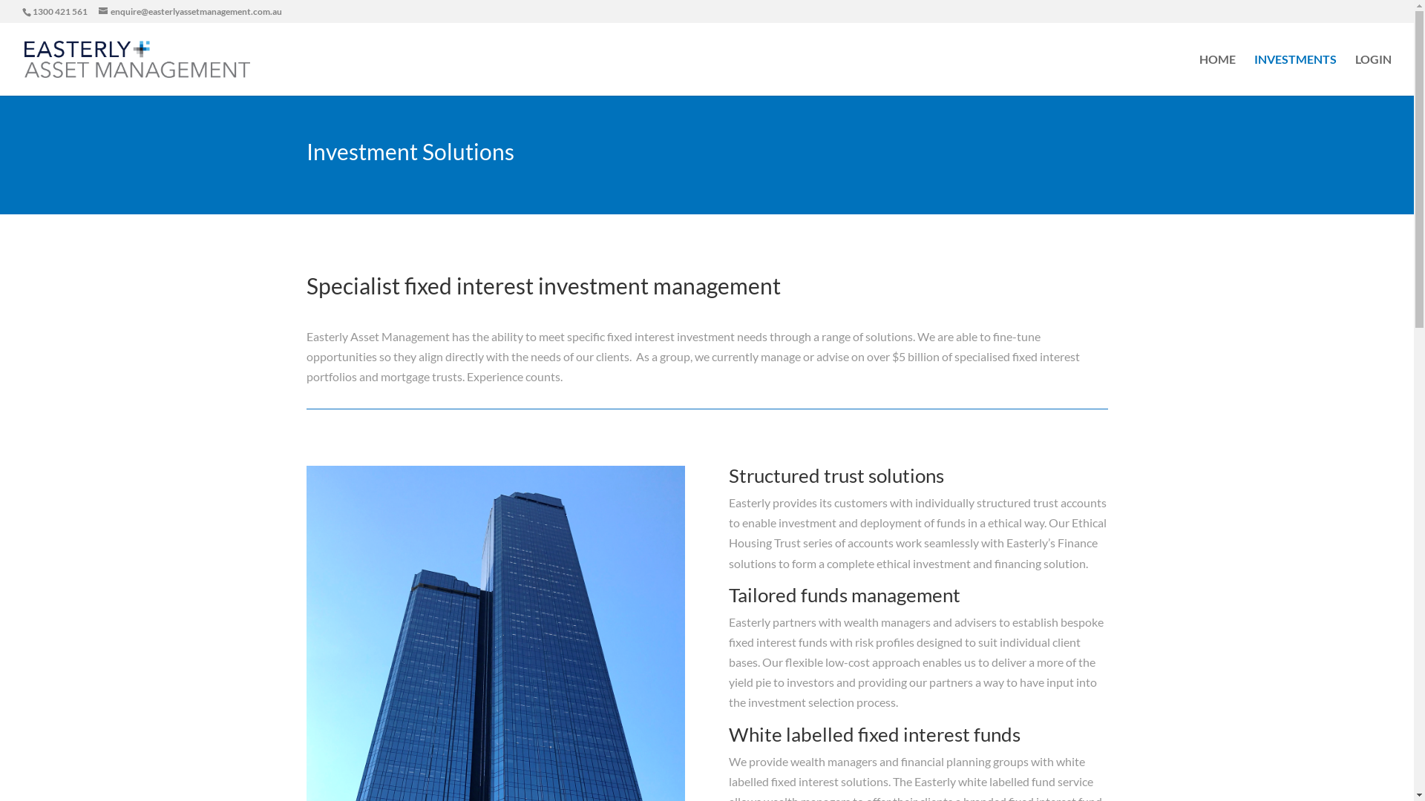  What do you see at coordinates (1294, 74) in the screenshot?
I see `'INVESTMENTS'` at bounding box center [1294, 74].